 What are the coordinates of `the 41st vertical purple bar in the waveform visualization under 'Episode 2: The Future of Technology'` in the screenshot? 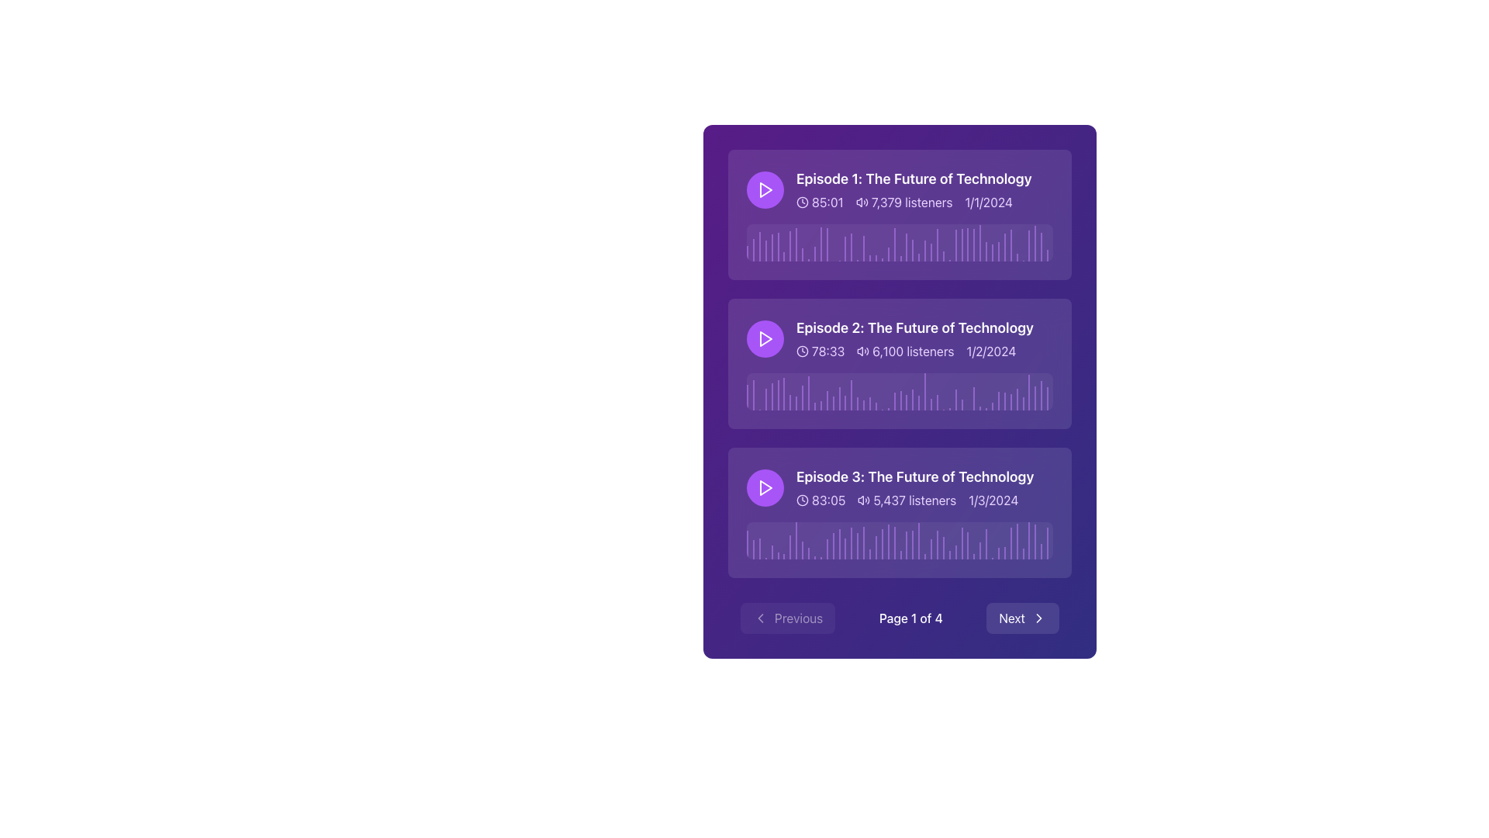 It's located at (998, 400).